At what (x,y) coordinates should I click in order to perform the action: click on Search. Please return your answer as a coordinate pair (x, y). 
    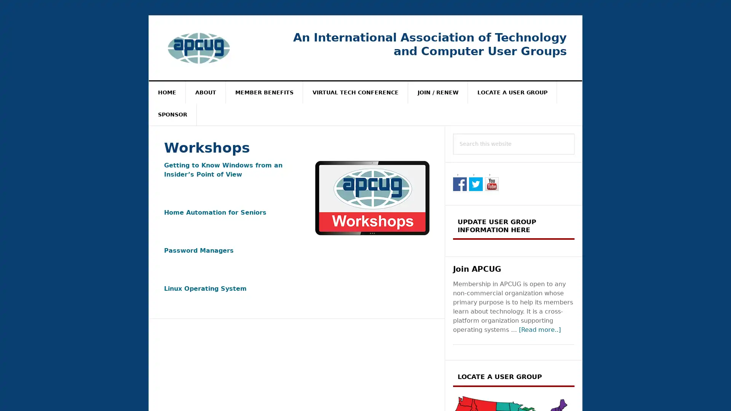
    Looking at the image, I should click on (575, 133).